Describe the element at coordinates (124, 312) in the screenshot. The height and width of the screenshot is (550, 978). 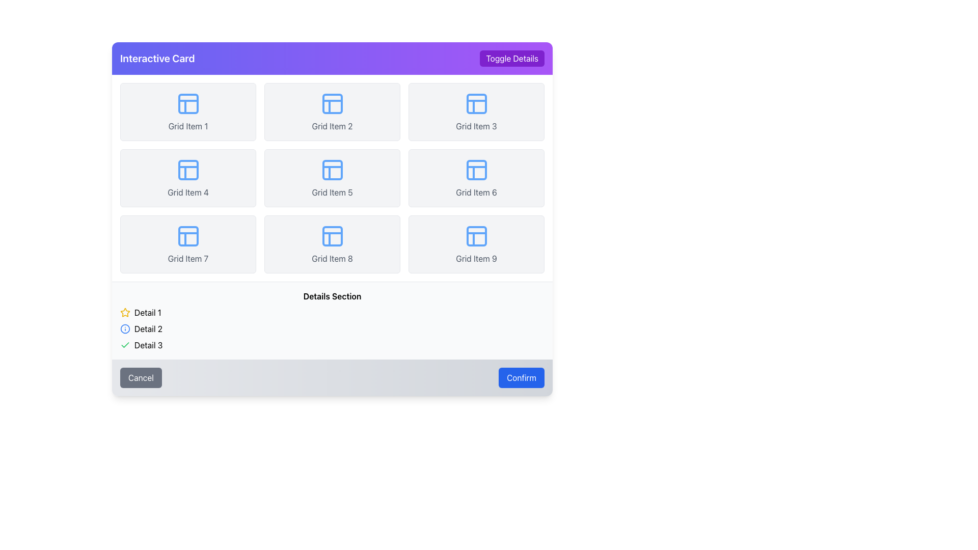
I see `the importance indicator icon located in the bottom-left section of the interface under the 'Details Section', positioned to the left of the text 'Detail 1'` at that location.